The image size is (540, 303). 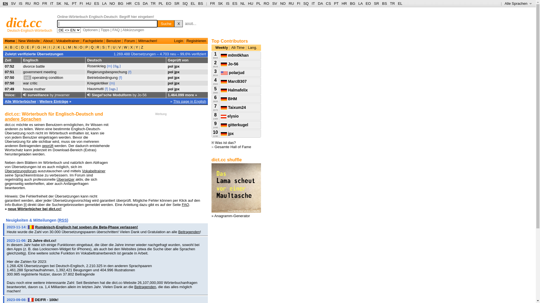 What do you see at coordinates (101, 47) in the screenshot?
I see `'S'` at bounding box center [101, 47].